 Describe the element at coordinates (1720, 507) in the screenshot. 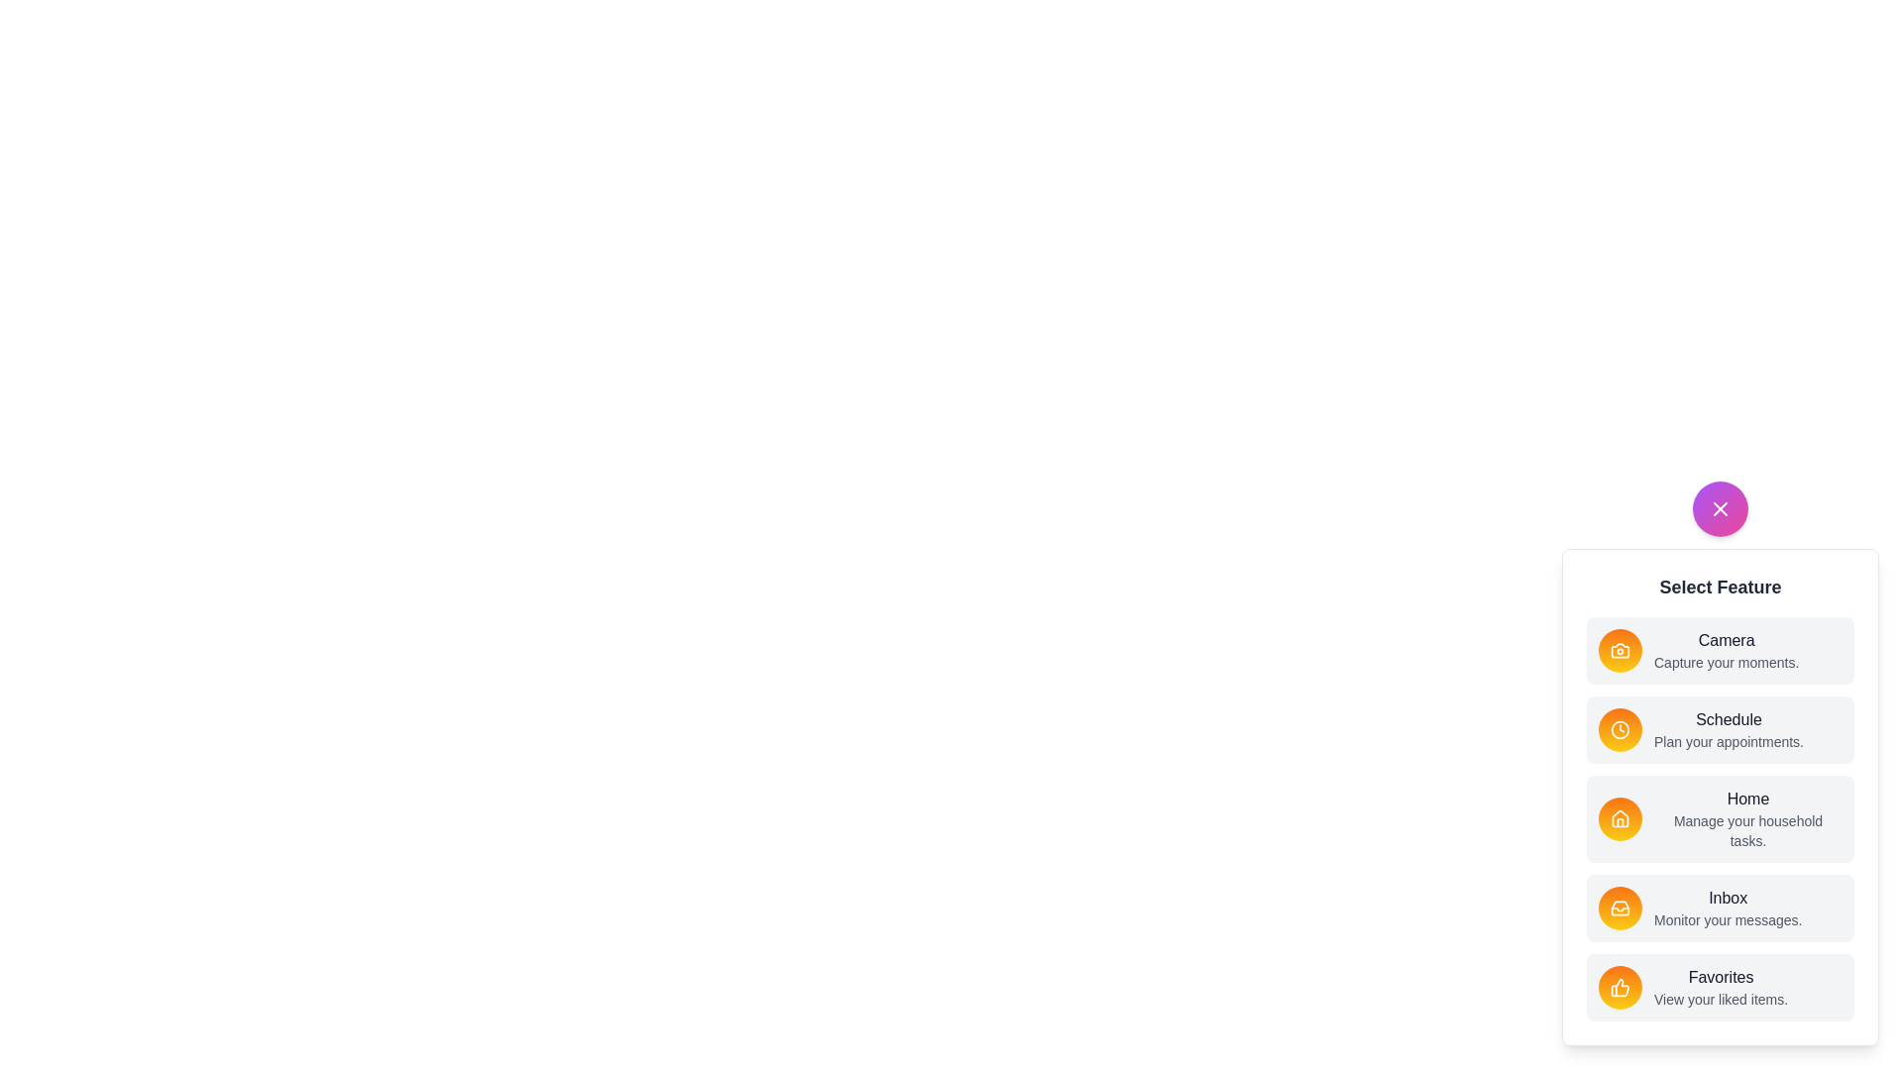

I see `the floating action button to toggle the menu` at that location.